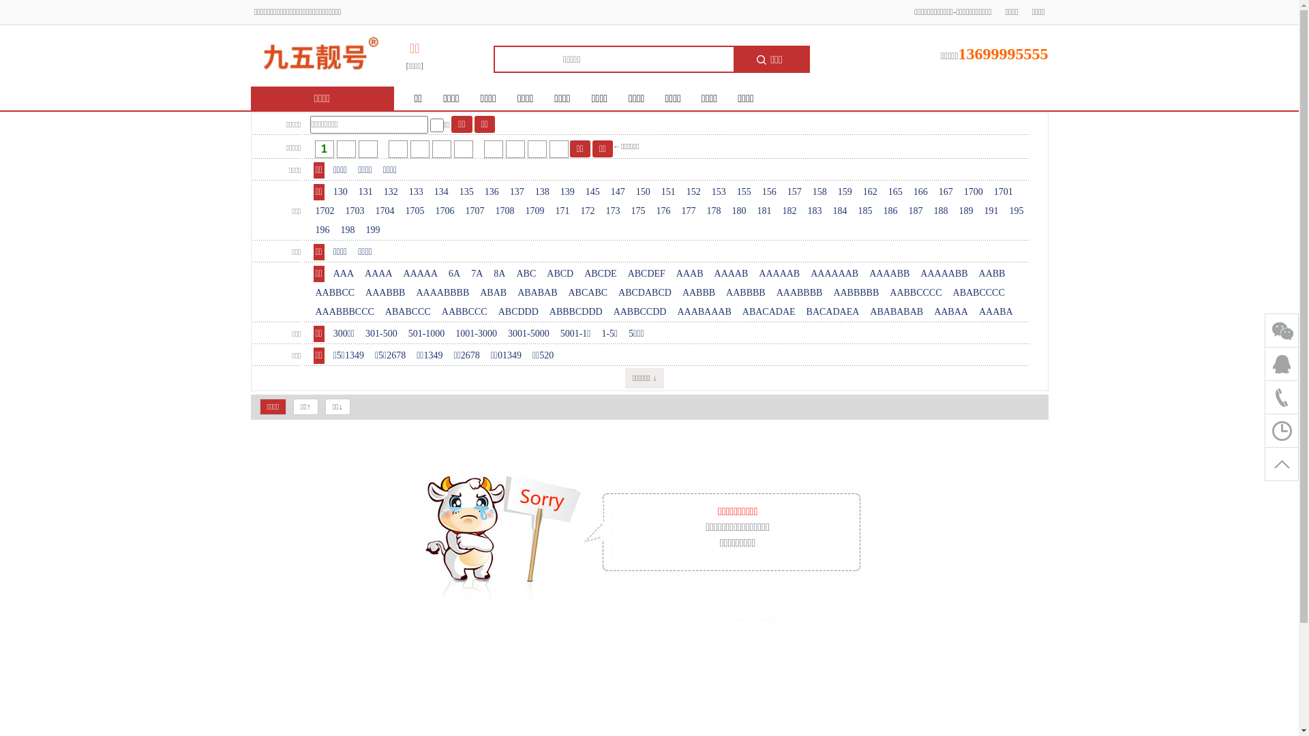  What do you see at coordinates (344, 273) in the screenshot?
I see `'AAA'` at bounding box center [344, 273].